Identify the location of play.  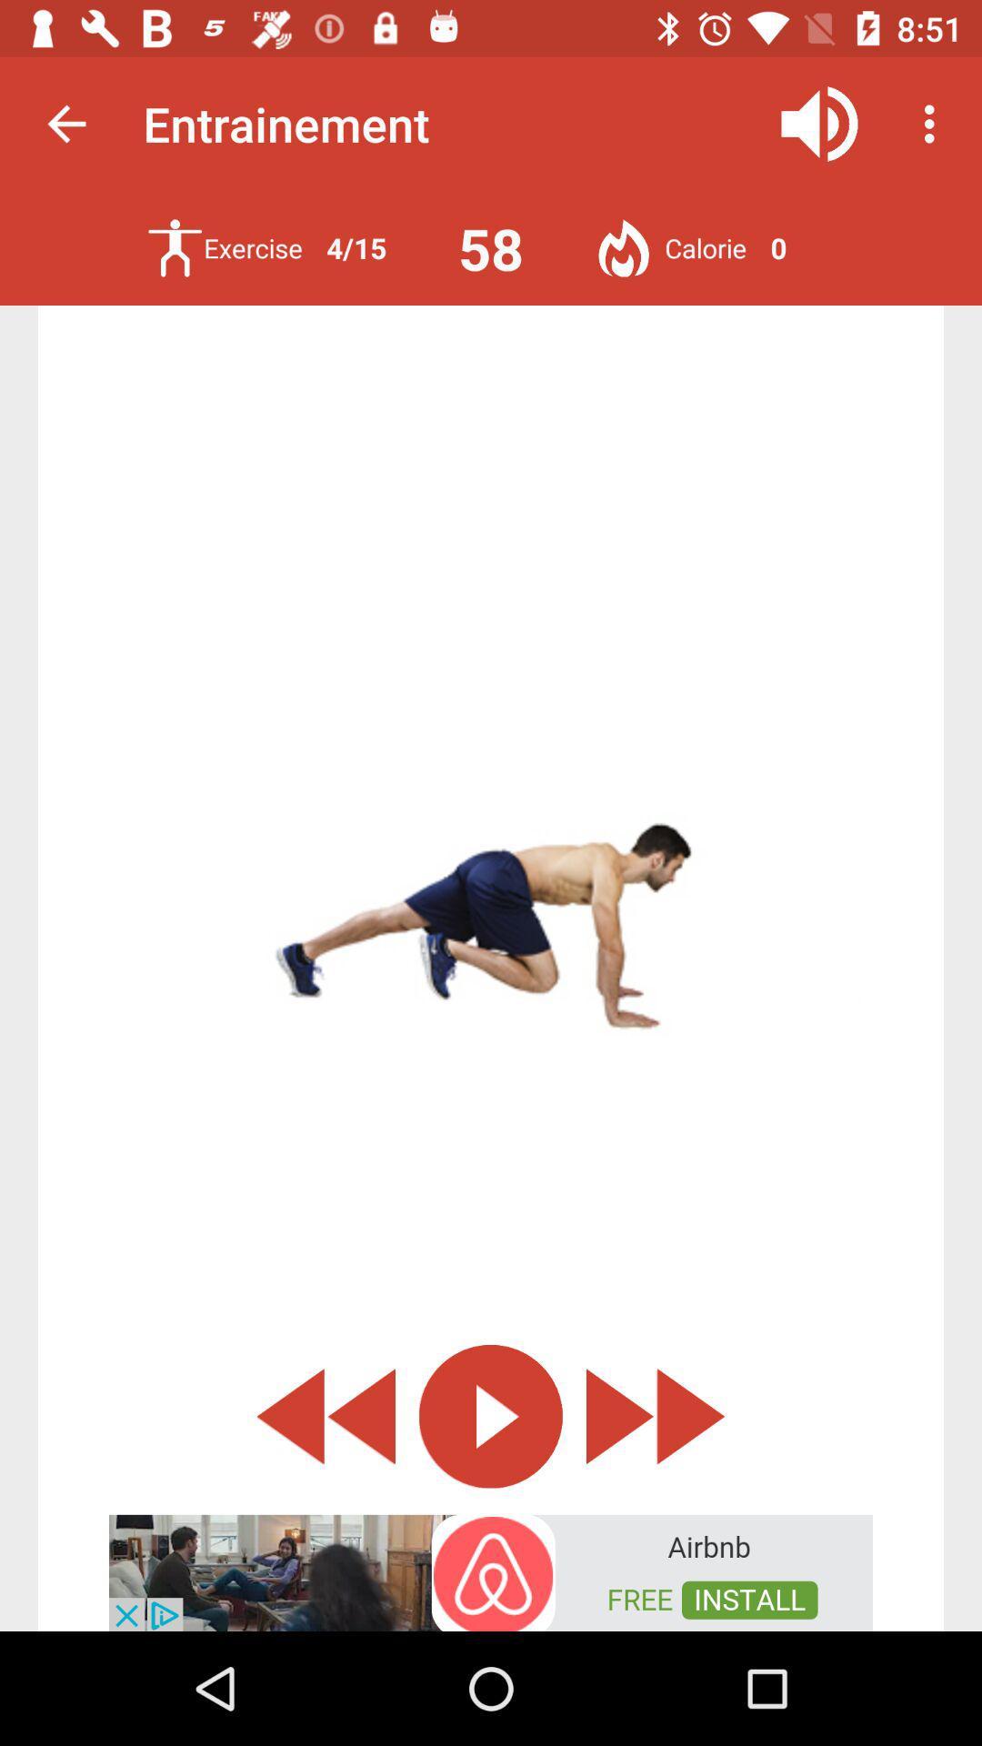
(491, 1415).